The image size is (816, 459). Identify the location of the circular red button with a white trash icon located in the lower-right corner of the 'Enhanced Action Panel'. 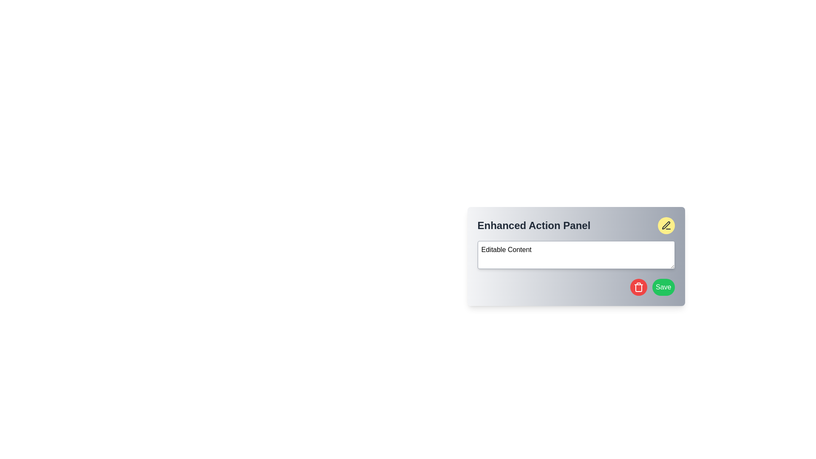
(638, 287).